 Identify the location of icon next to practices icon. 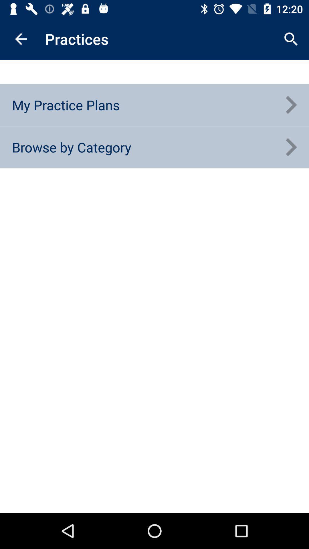
(21, 39).